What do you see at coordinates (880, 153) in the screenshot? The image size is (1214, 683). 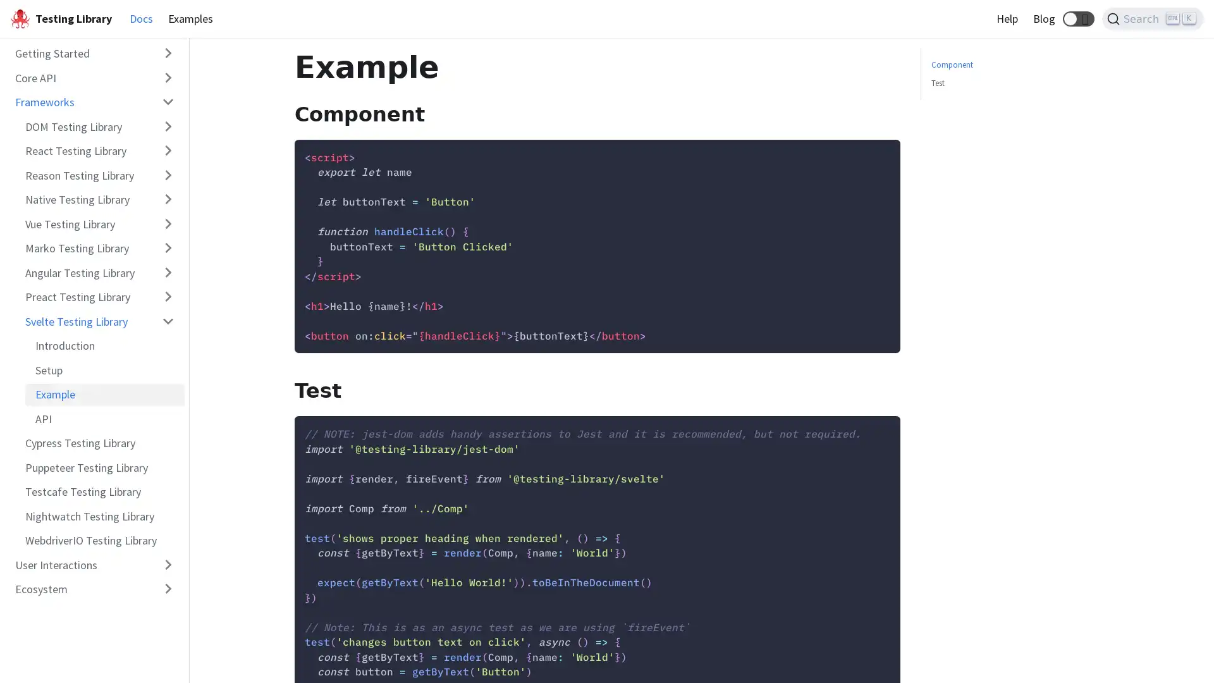 I see `Copy code to clipboard` at bounding box center [880, 153].